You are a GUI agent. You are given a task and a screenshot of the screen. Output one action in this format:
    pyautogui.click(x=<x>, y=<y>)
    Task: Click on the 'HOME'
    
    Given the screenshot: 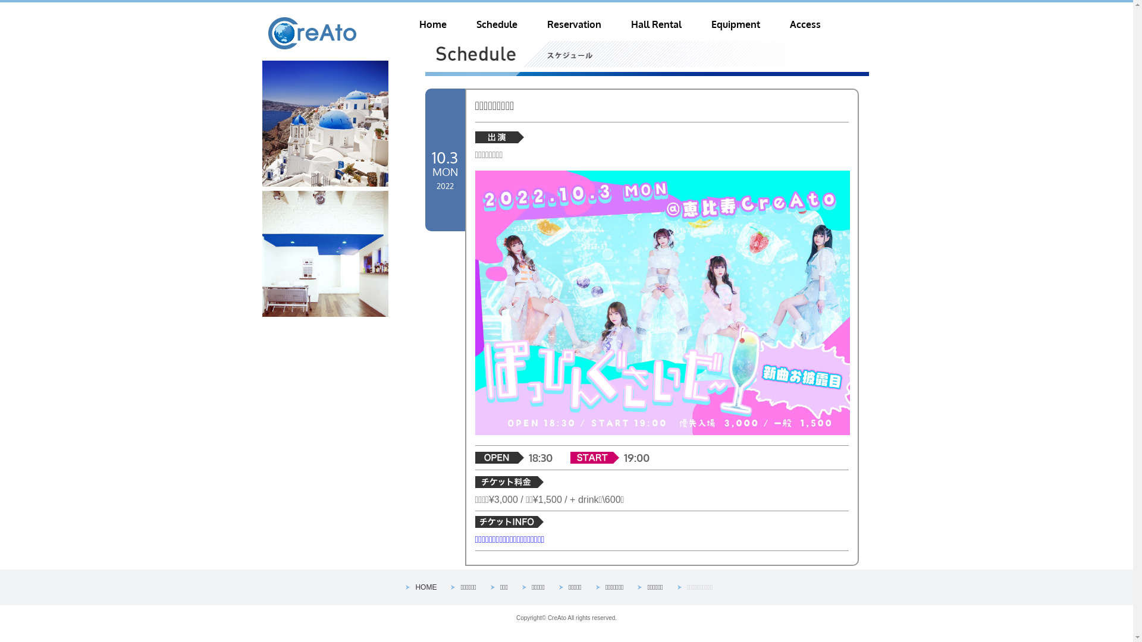 What is the action you would take?
    pyautogui.click(x=425, y=586)
    